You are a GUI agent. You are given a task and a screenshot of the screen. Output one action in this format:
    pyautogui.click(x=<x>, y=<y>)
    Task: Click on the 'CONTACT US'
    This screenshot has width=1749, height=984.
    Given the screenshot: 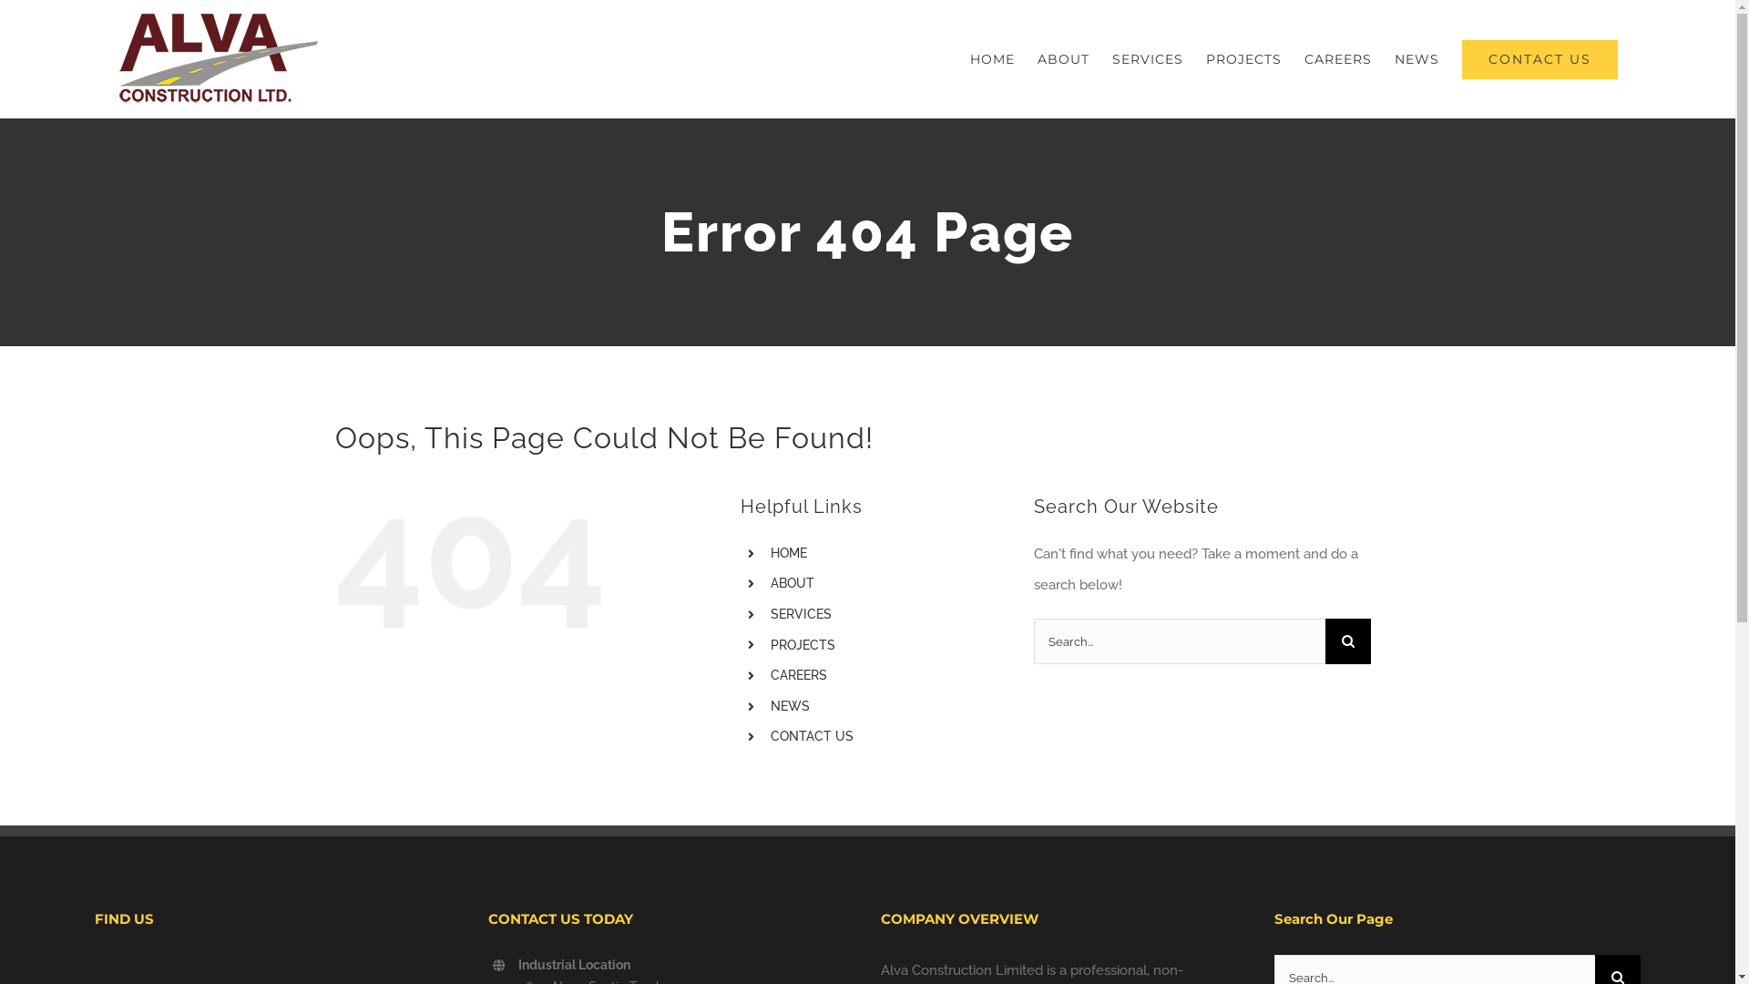 What is the action you would take?
    pyautogui.click(x=1539, y=58)
    